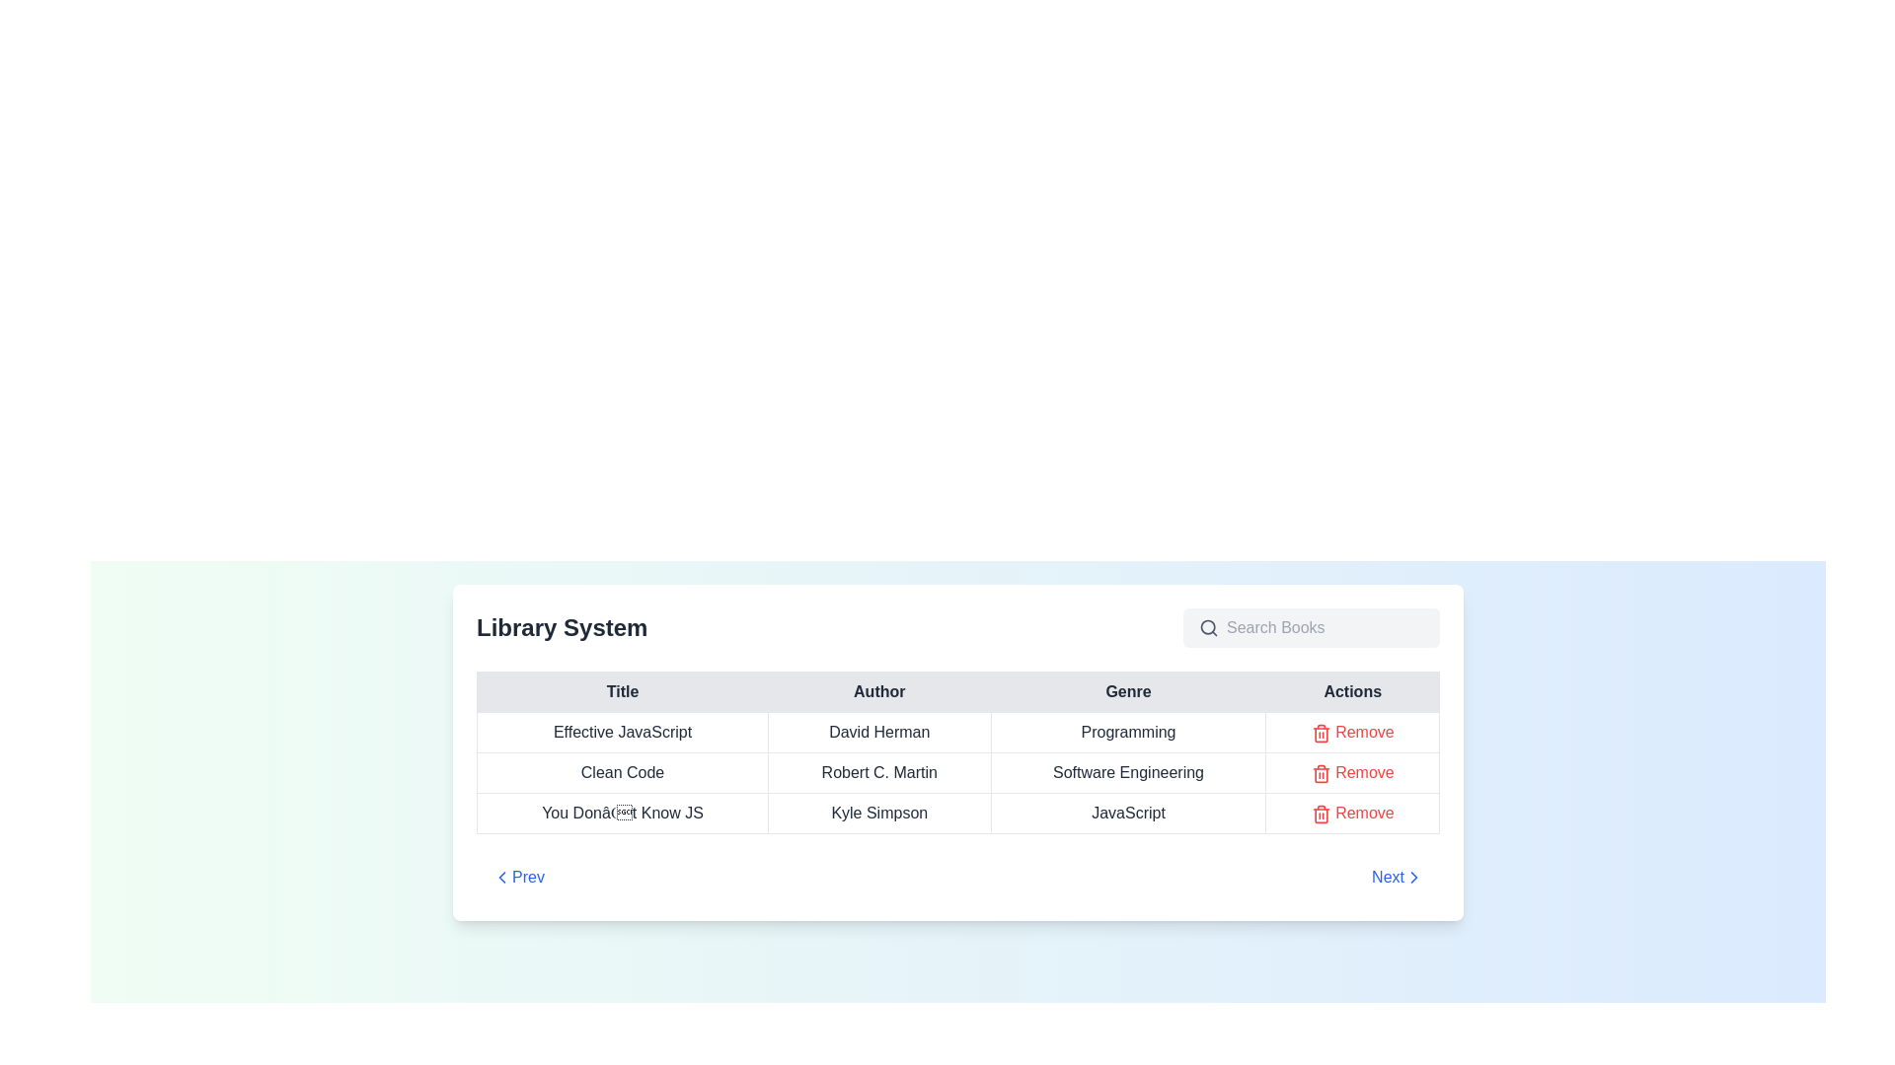 The width and height of the screenshot is (1895, 1065). What do you see at coordinates (1351, 733) in the screenshot?
I see `the first 'Remove' button associated with the book titled 'Effective JavaScript', which is a bold red button with a trash can icon on the left` at bounding box center [1351, 733].